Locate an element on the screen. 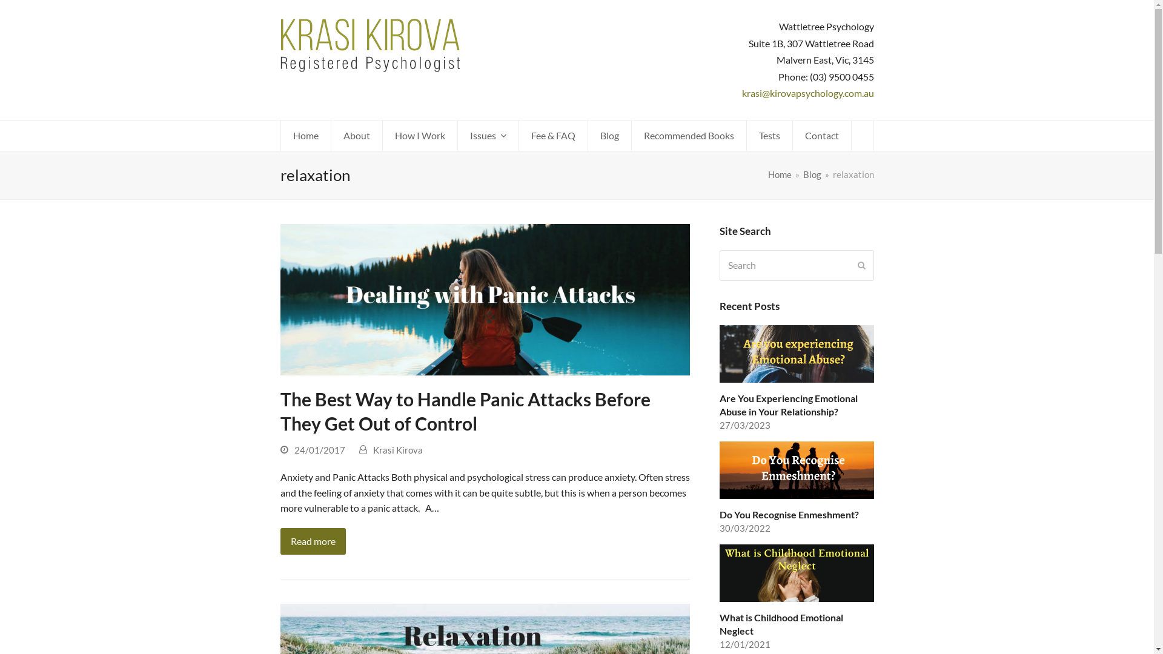 Image resolution: width=1163 pixels, height=654 pixels. 'About' is located at coordinates (331, 135).